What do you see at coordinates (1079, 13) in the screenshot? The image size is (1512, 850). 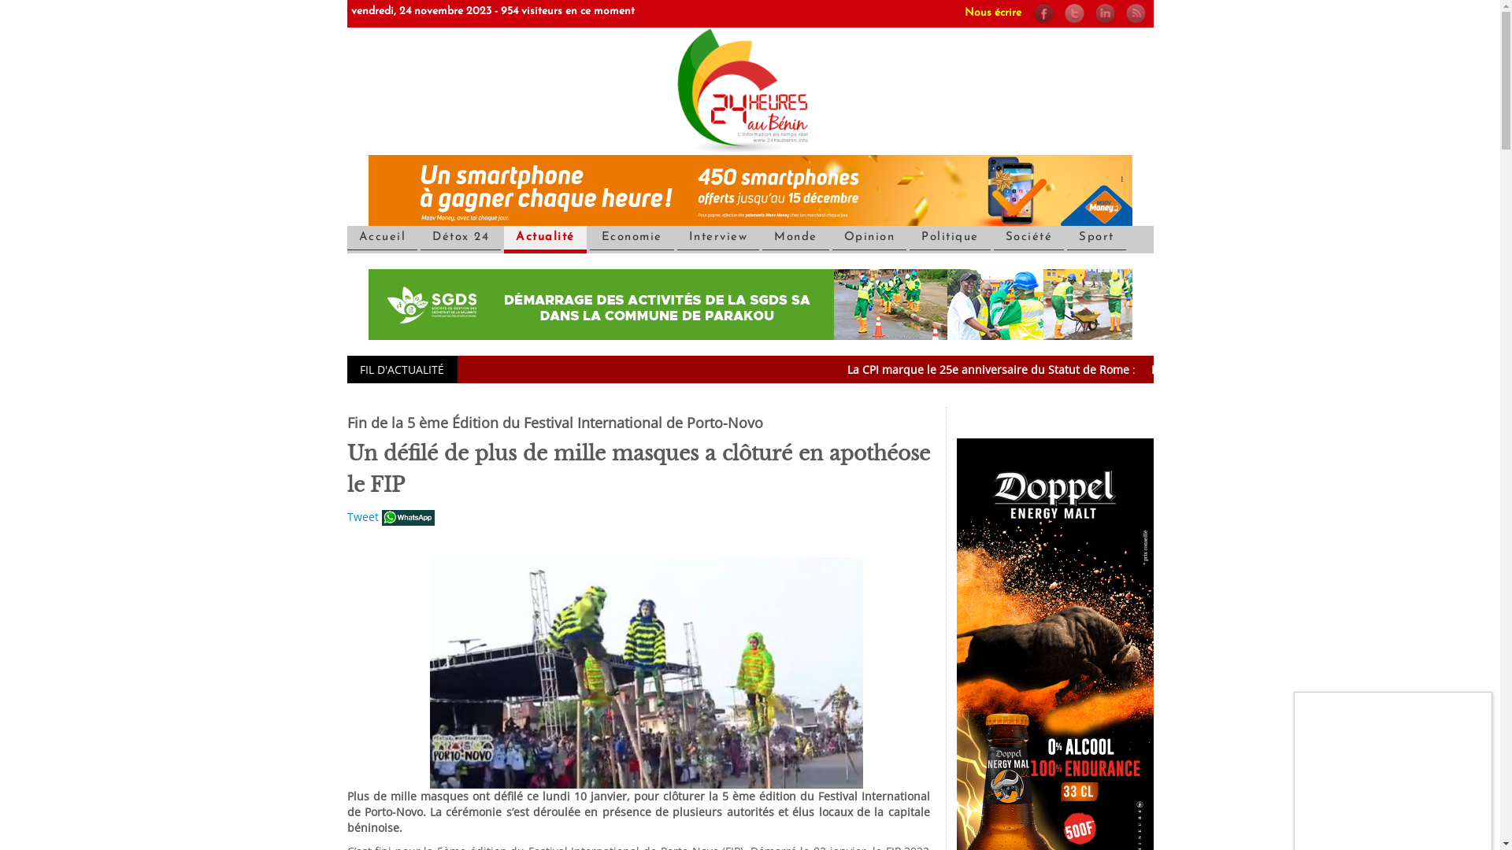 I see `'@24haubenin'` at bounding box center [1079, 13].